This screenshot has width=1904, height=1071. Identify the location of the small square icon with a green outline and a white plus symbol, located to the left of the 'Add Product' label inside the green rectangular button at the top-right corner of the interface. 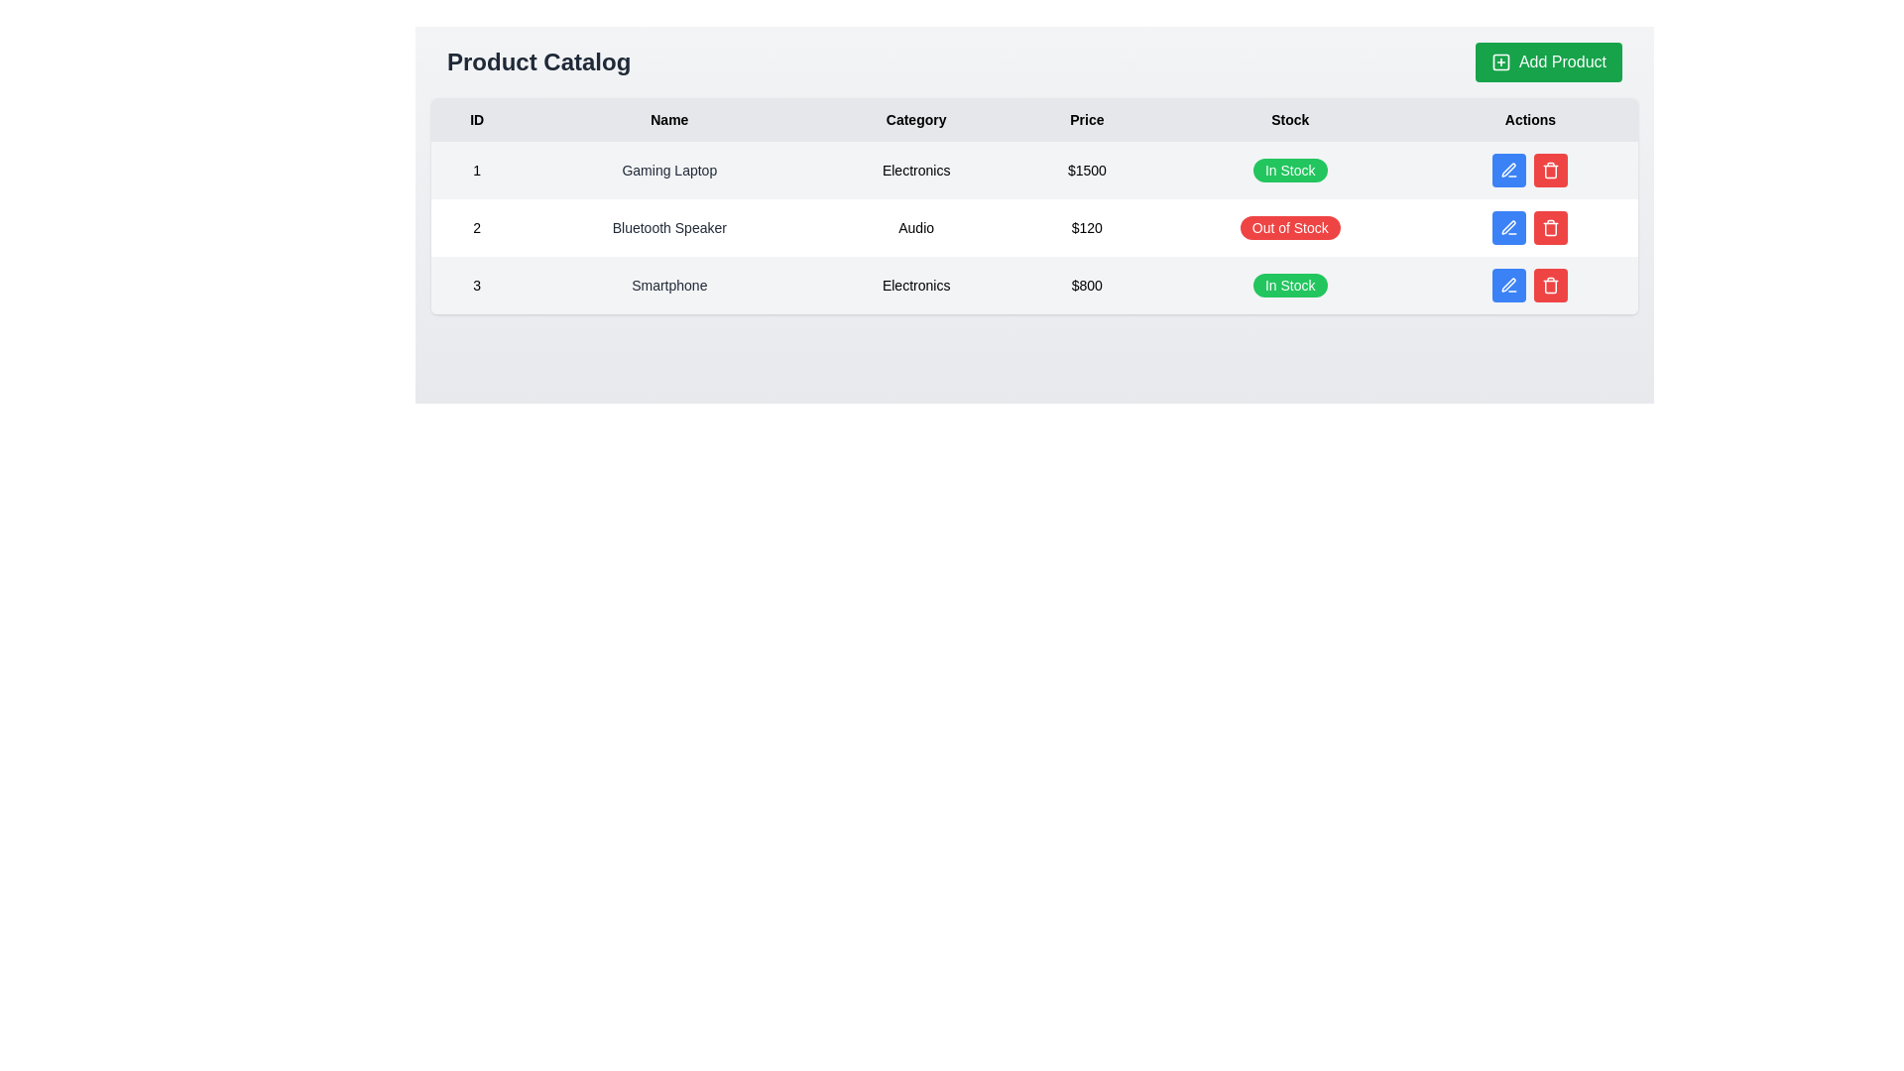
(1500, 60).